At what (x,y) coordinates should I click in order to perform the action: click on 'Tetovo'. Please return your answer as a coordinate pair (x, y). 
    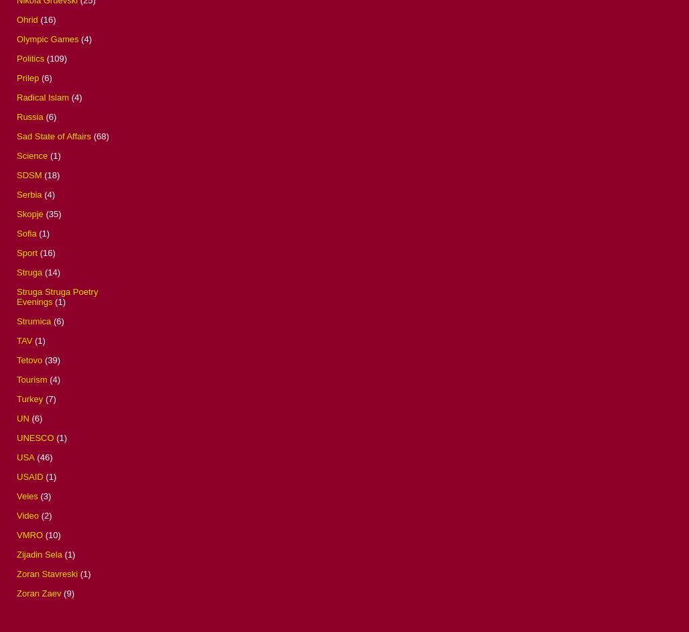
    Looking at the image, I should click on (29, 359).